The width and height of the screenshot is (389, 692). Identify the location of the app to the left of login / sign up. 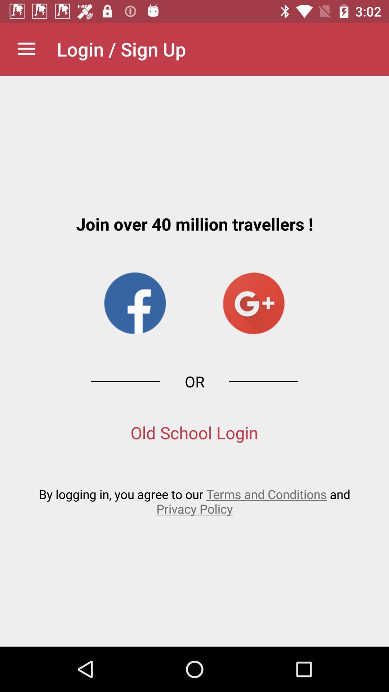
(26, 49).